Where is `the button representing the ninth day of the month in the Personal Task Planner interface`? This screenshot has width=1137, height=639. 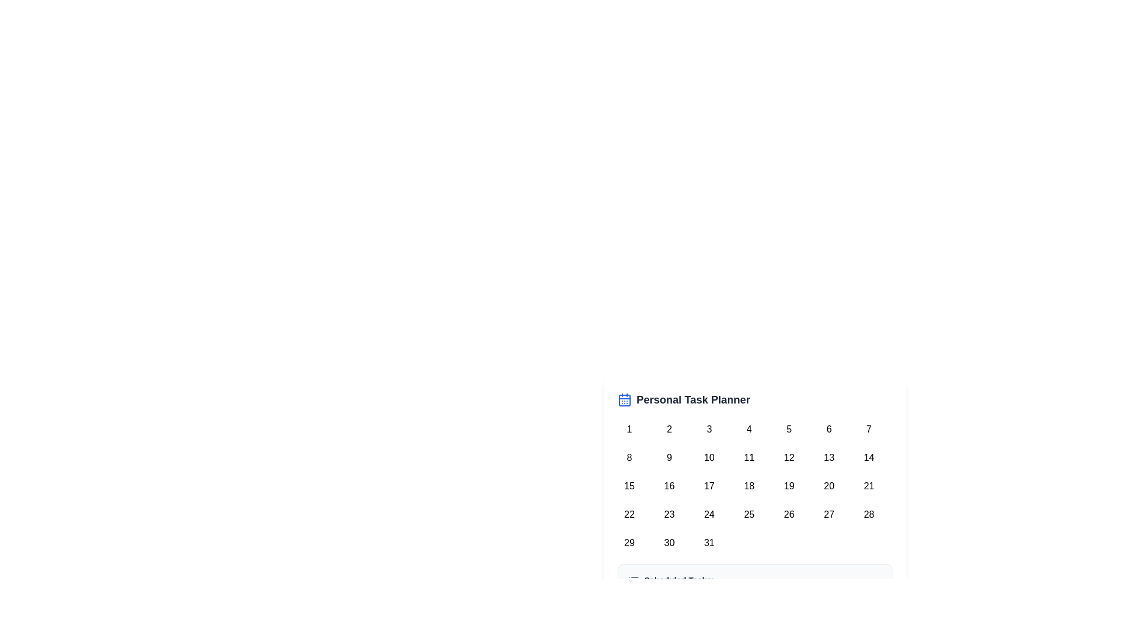 the button representing the ninth day of the month in the Personal Task Planner interface is located at coordinates (669, 457).